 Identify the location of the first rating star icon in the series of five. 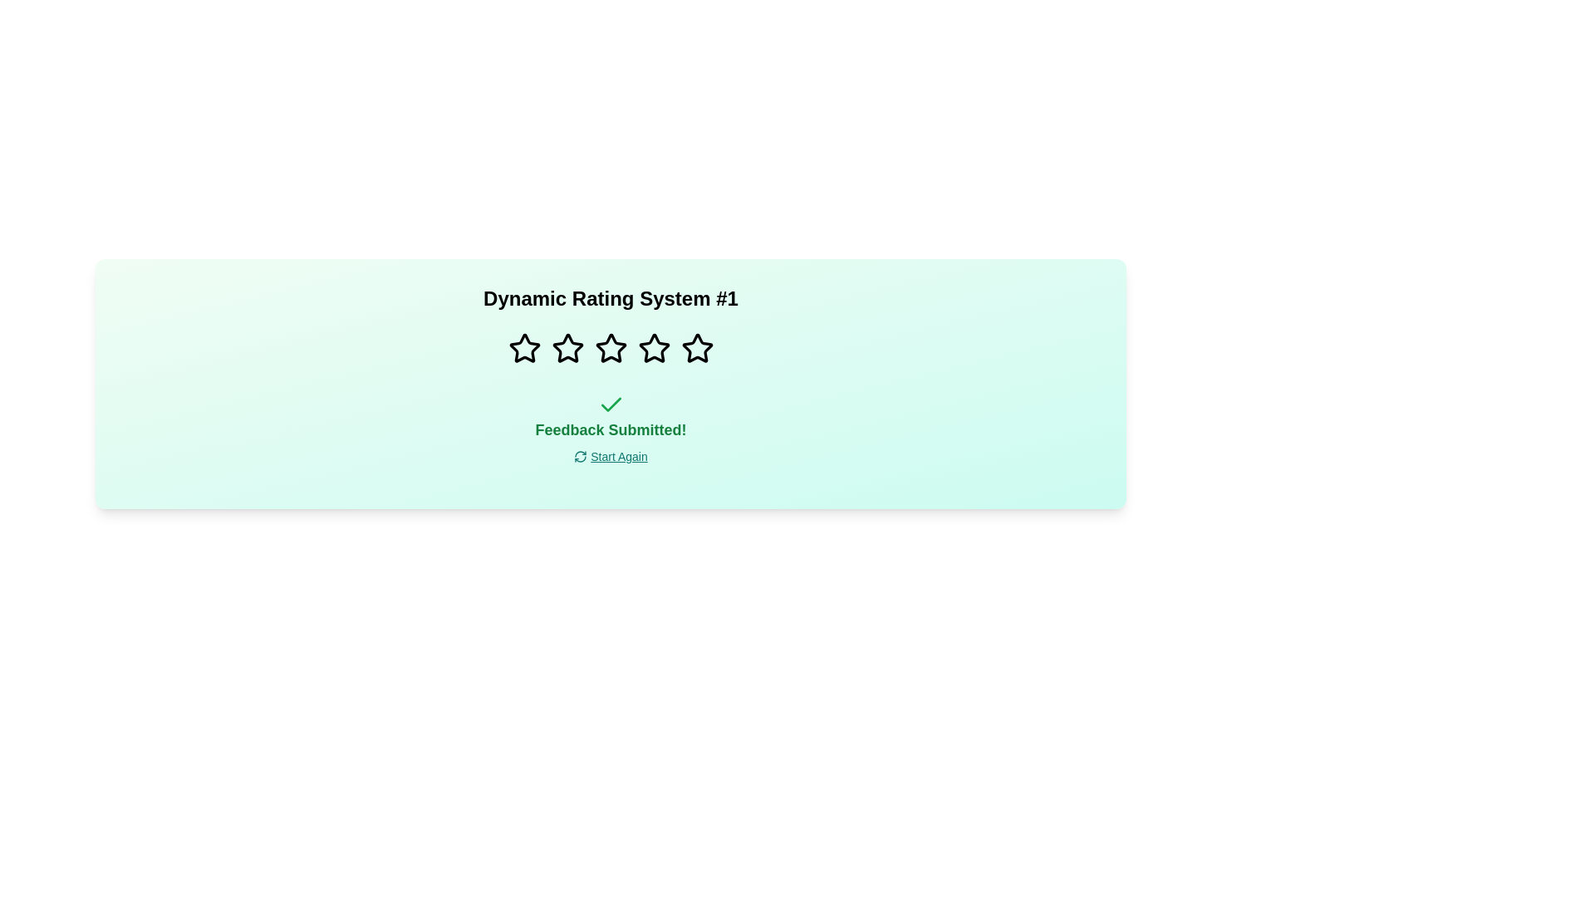
(523, 348).